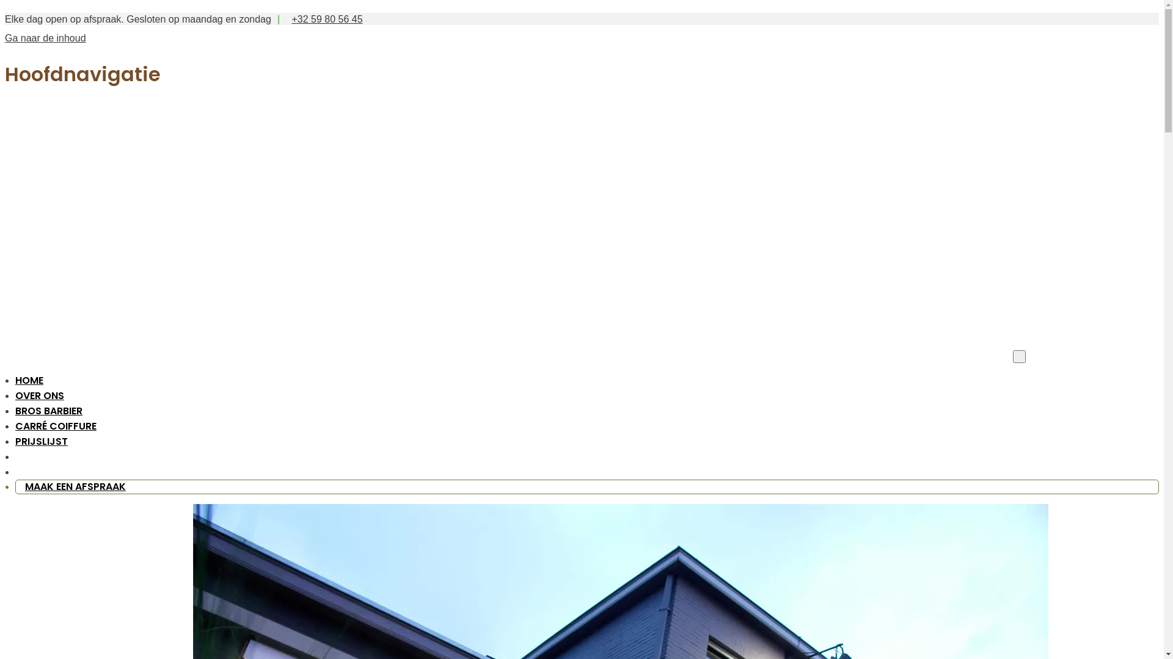 Image resolution: width=1173 pixels, height=659 pixels. What do you see at coordinates (5, 37) in the screenshot?
I see `'Ga naar de inhoud'` at bounding box center [5, 37].